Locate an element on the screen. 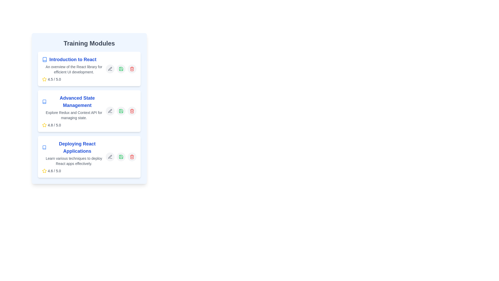 This screenshot has width=499, height=281. the primary description text located directly beneath the 'Deploying React Applications' title in the list card, which provides a summary of the topic is located at coordinates (74, 161).